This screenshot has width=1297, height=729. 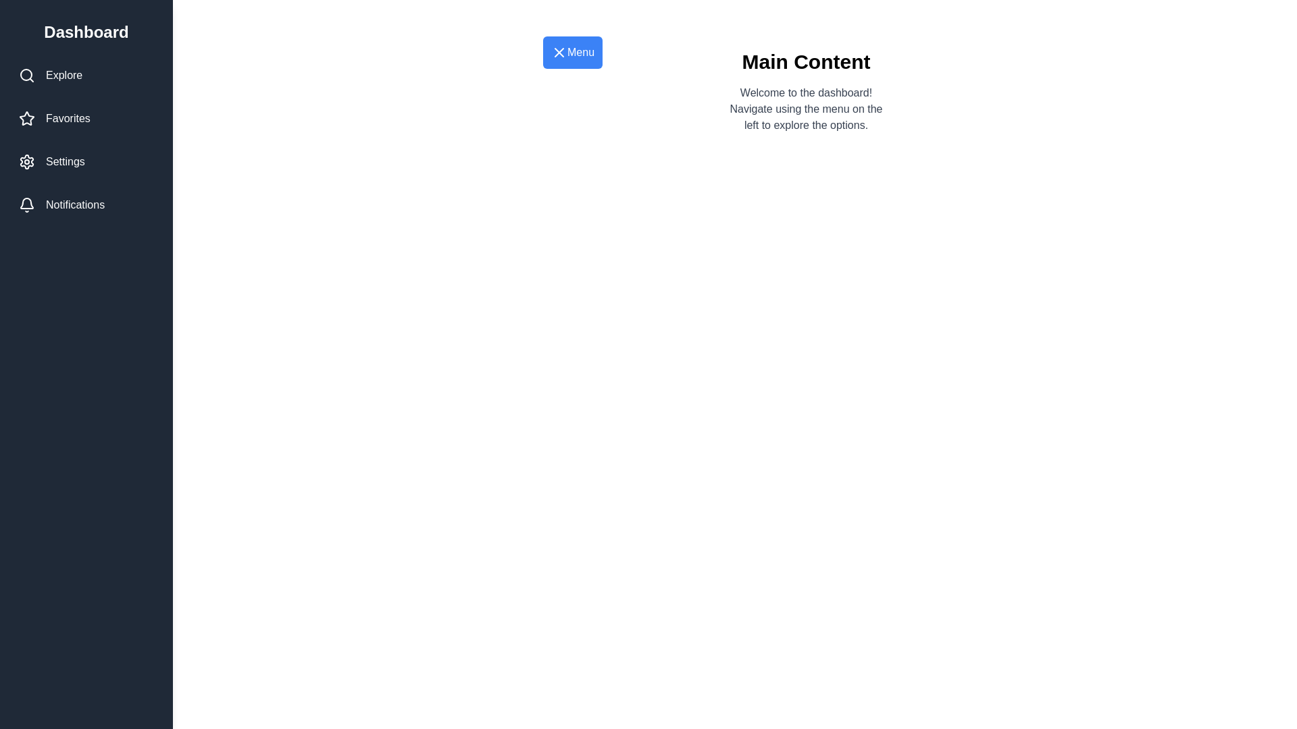 I want to click on the static text element displaying 'Dashboard' which is located at the top of the vertical menu panel on the left side of the interface, so click(x=86, y=31).